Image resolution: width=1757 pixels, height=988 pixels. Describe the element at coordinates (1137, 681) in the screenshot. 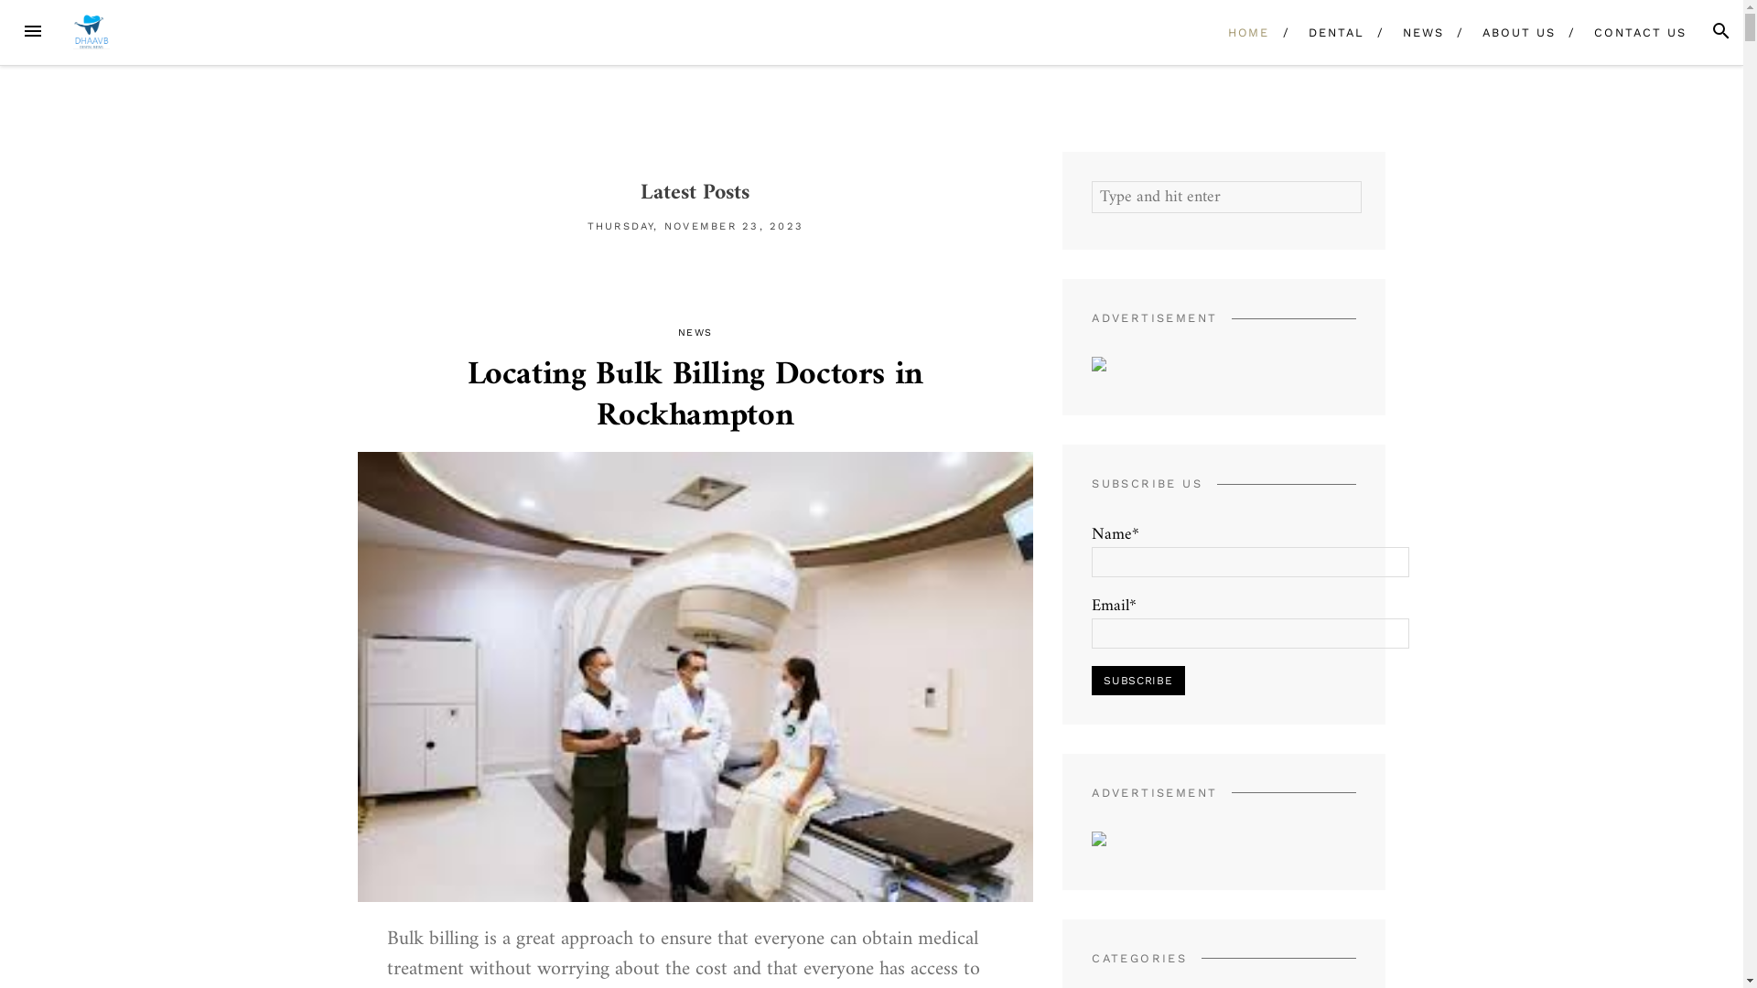

I see `'Subscribe'` at that location.